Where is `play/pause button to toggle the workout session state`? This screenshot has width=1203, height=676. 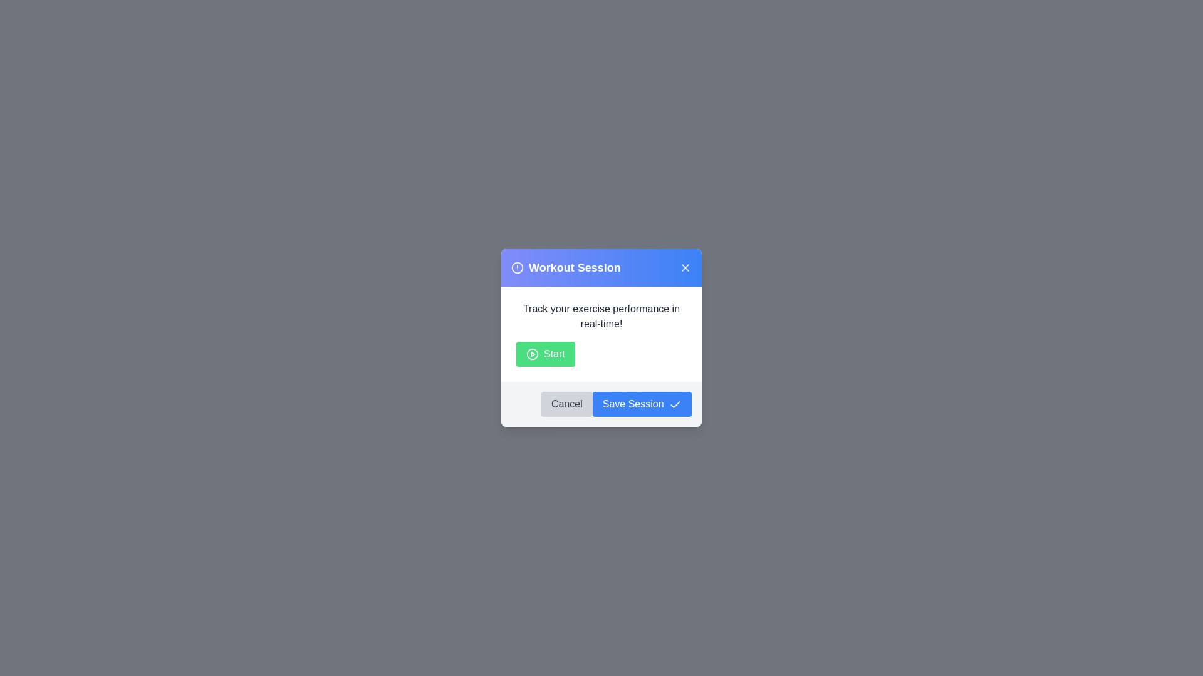 play/pause button to toggle the workout session state is located at coordinates (544, 354).